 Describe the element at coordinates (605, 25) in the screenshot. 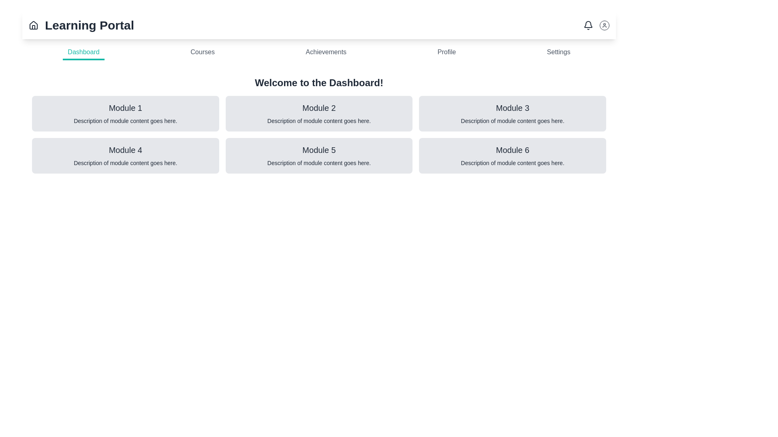

I see `the user profile icon button located in the top-right corner of the interface` at that location.